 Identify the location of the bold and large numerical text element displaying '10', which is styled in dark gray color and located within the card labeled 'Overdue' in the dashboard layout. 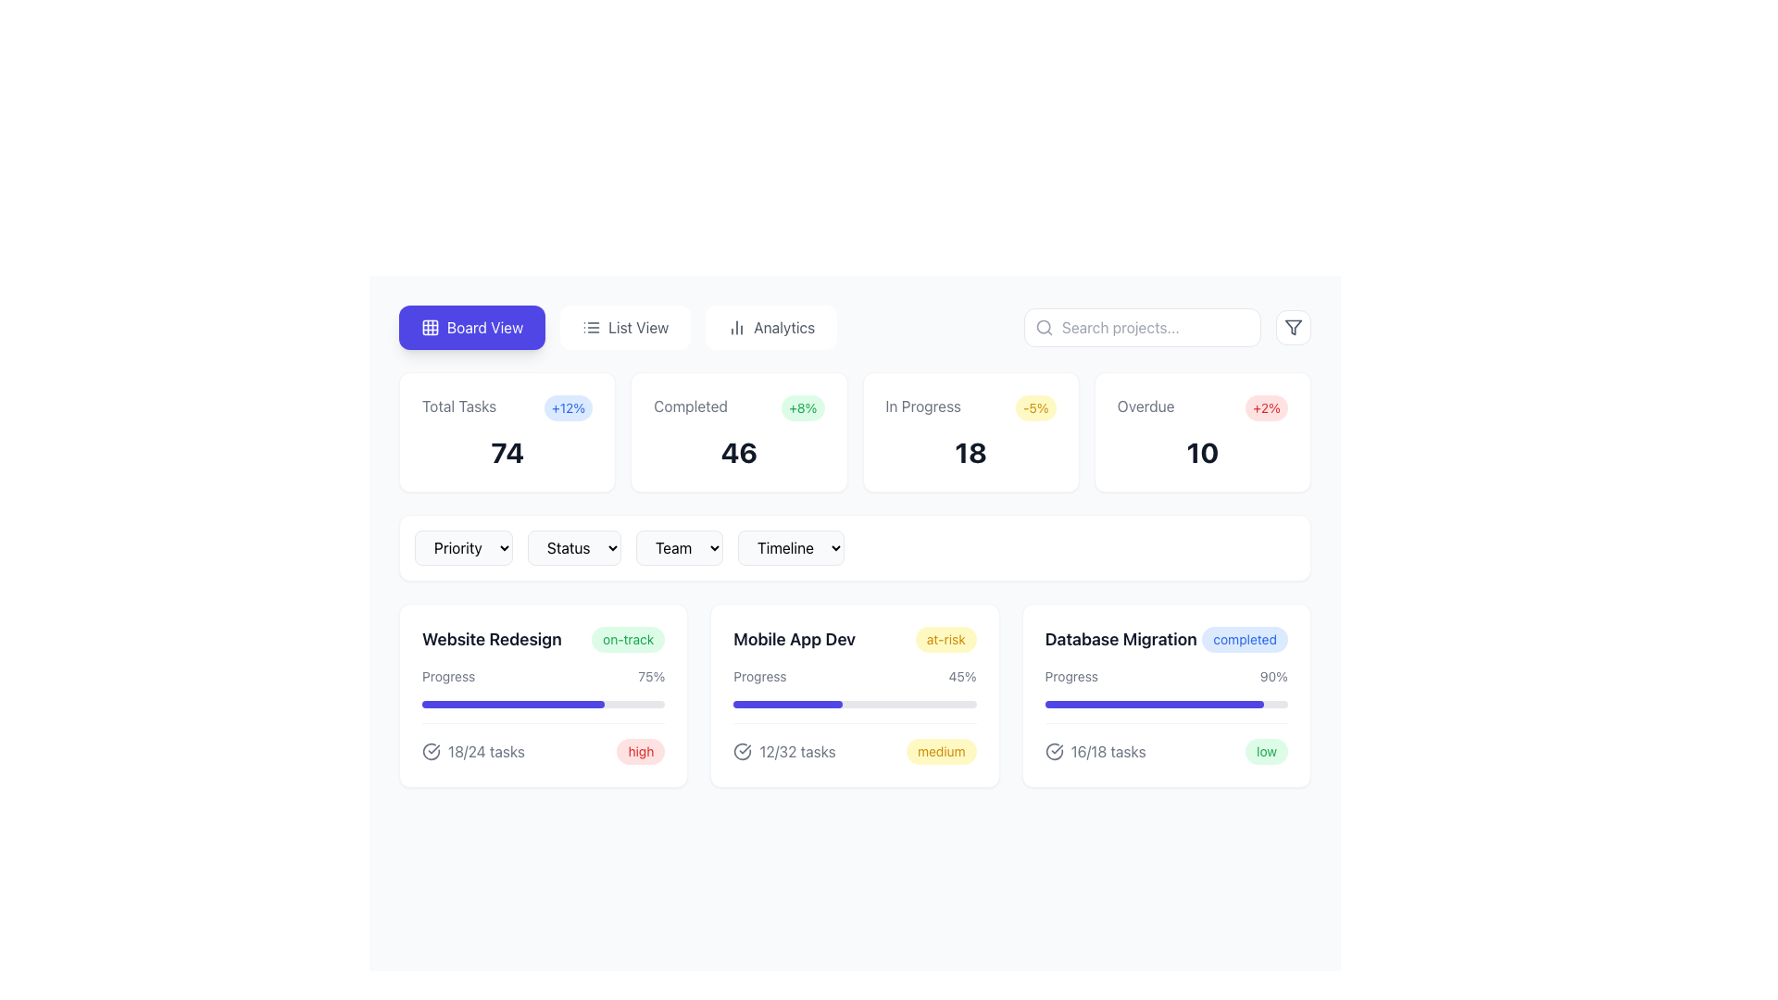
(1202, 453).